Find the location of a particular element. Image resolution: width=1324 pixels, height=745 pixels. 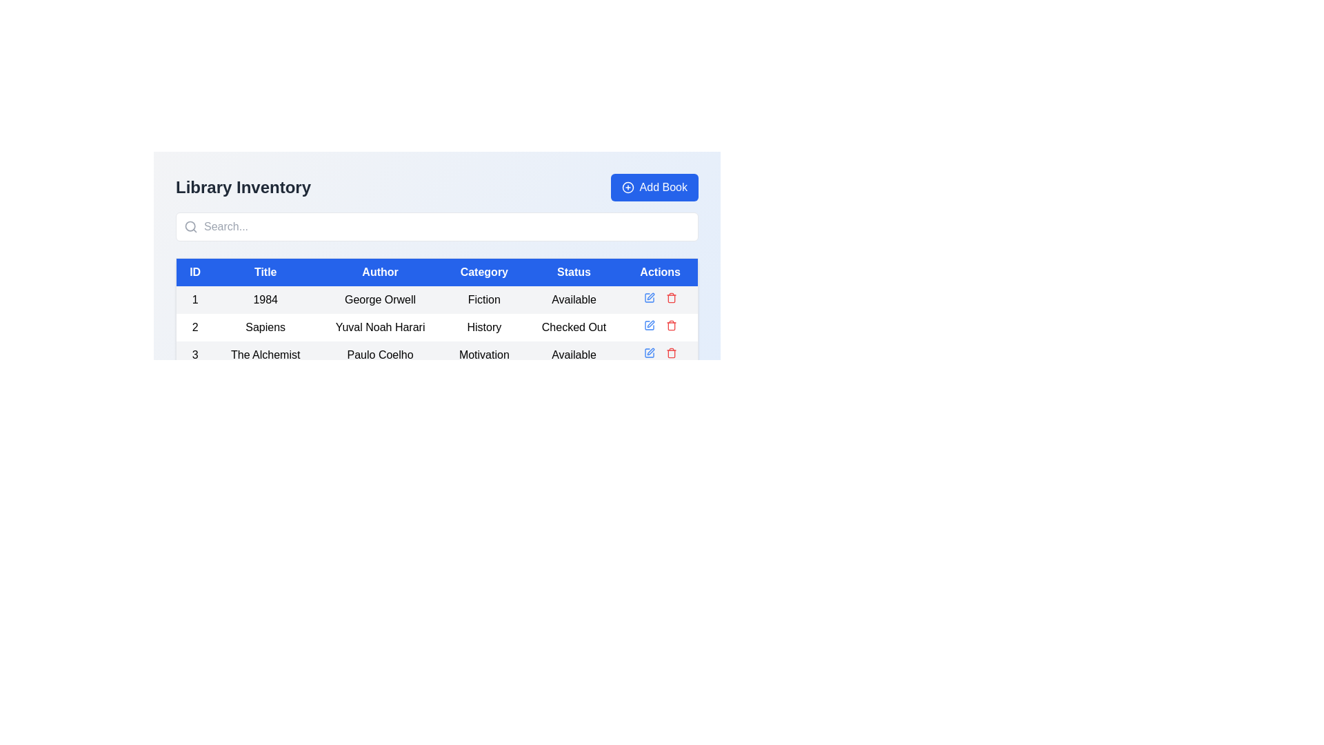

the circular graphical element located at the center of the 'Add Book' button, which has a thick outline is located at coordinates (627, 188).